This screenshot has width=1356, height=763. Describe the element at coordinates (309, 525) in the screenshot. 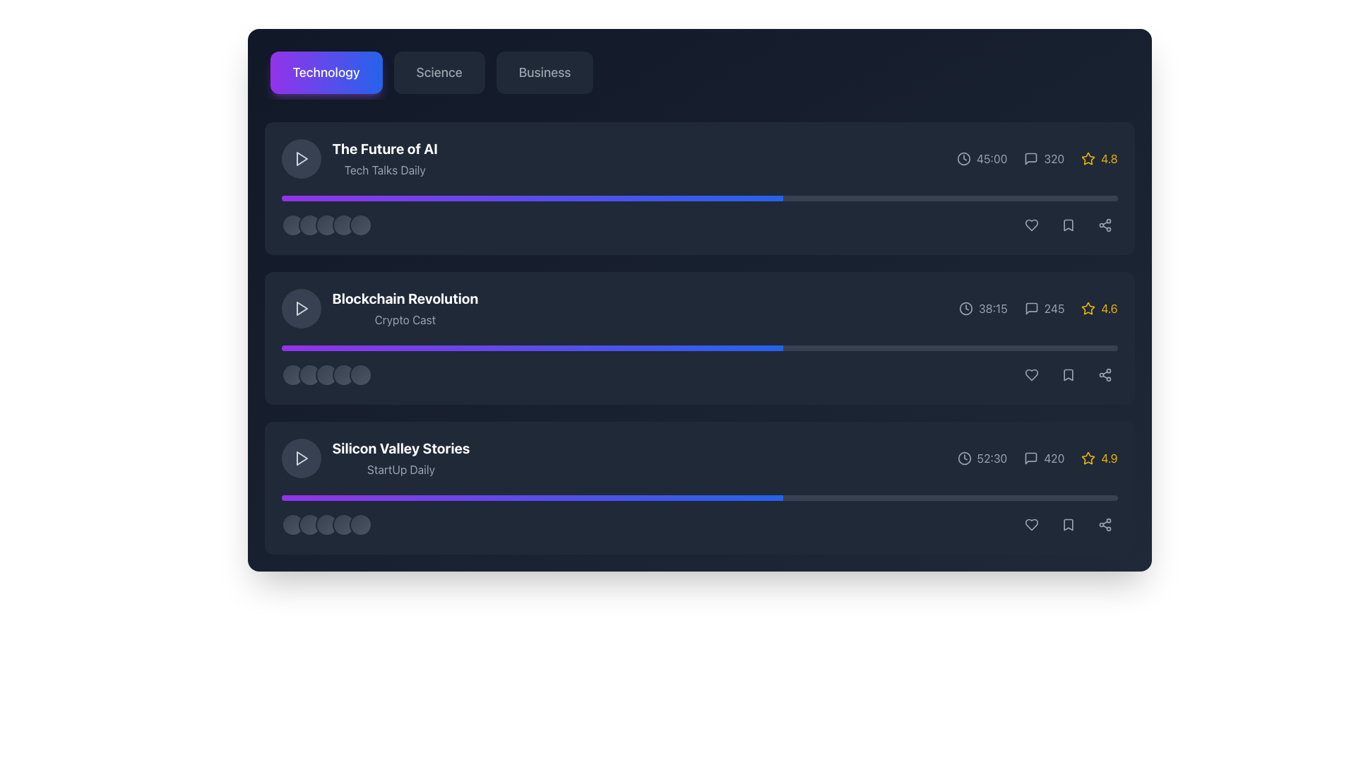

I see `the second circular visual indicator in a row of five, styled with a gradient background, located near the bottom of the 'Silicon Valley Stories' card` at that location.